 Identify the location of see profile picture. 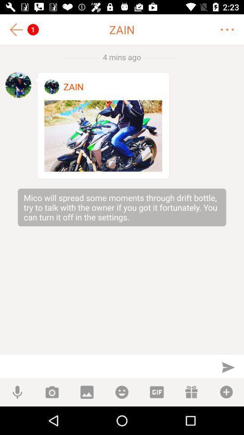
(18, 85).